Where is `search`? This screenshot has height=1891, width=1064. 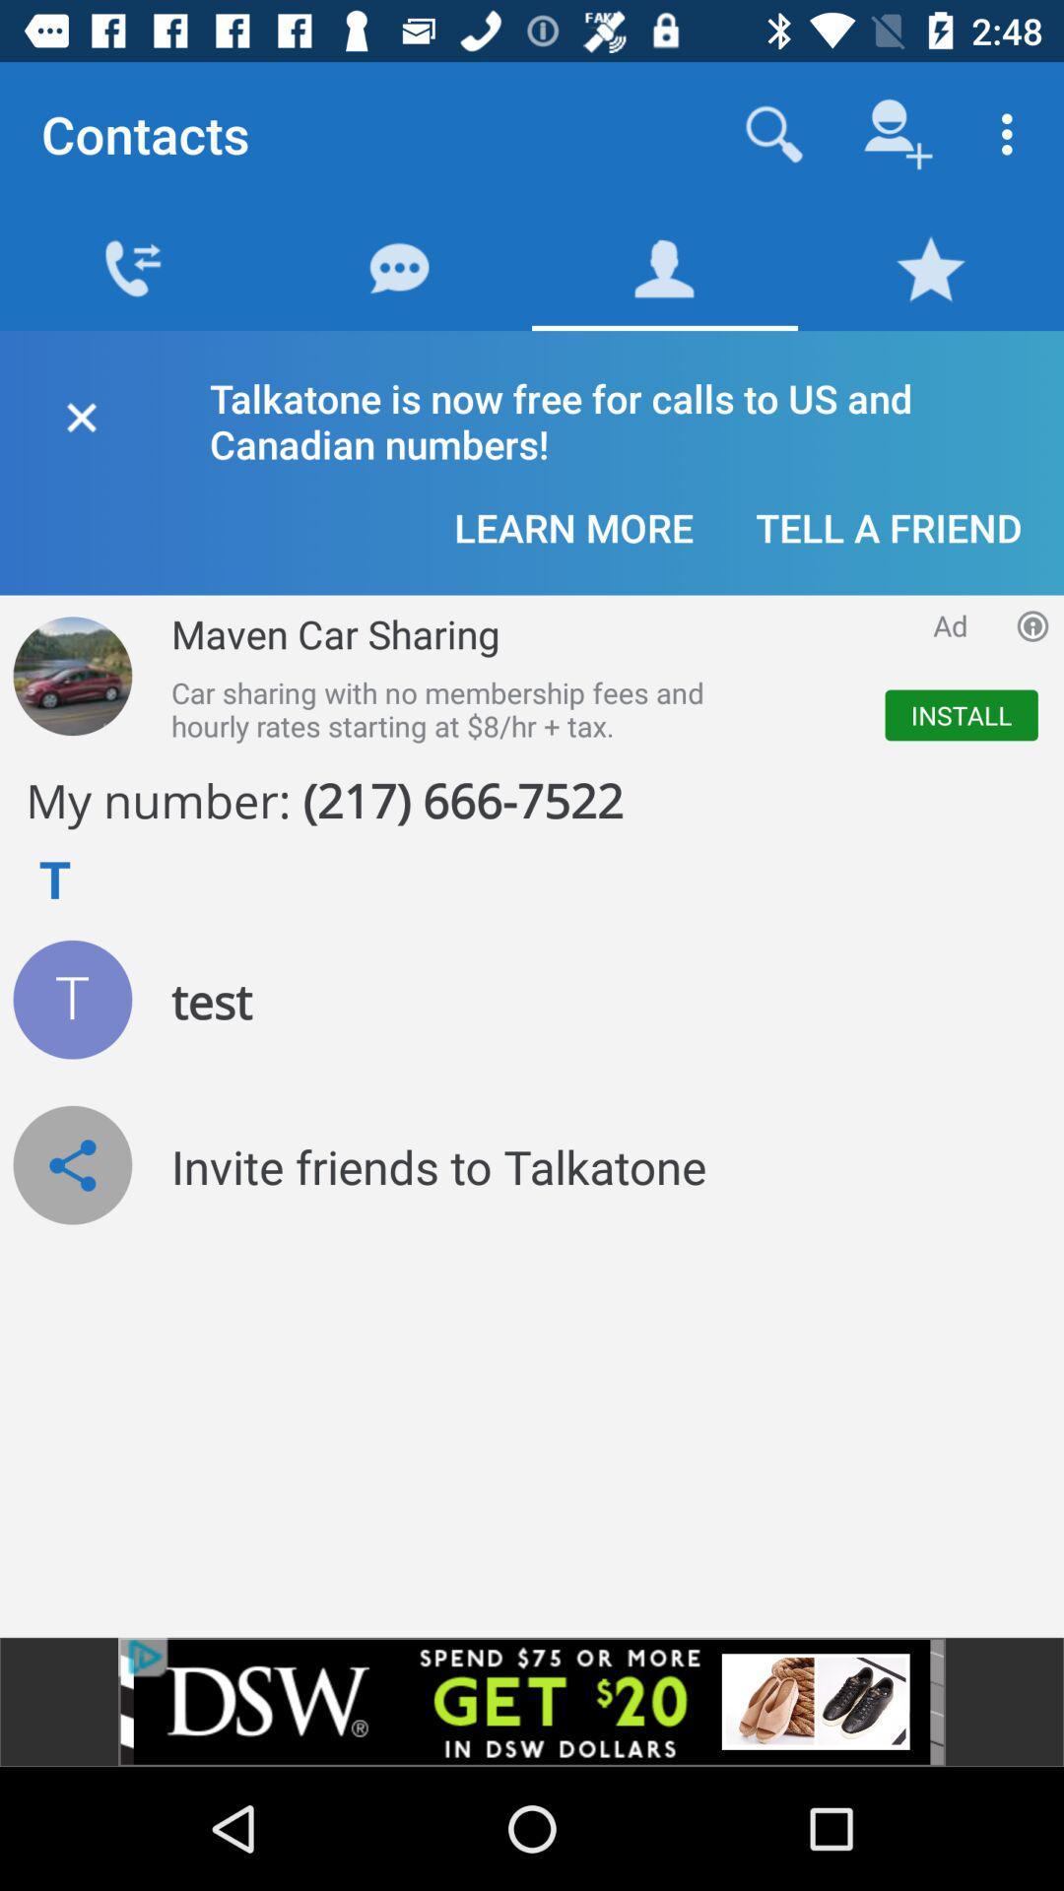 search is located at coordinates (773, 133).